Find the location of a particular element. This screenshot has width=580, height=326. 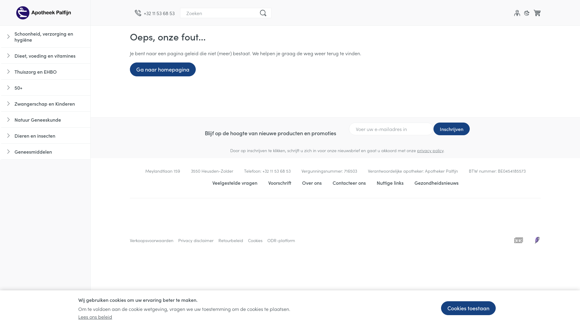

'Nuttige links' is located at coordinates (390, 182).